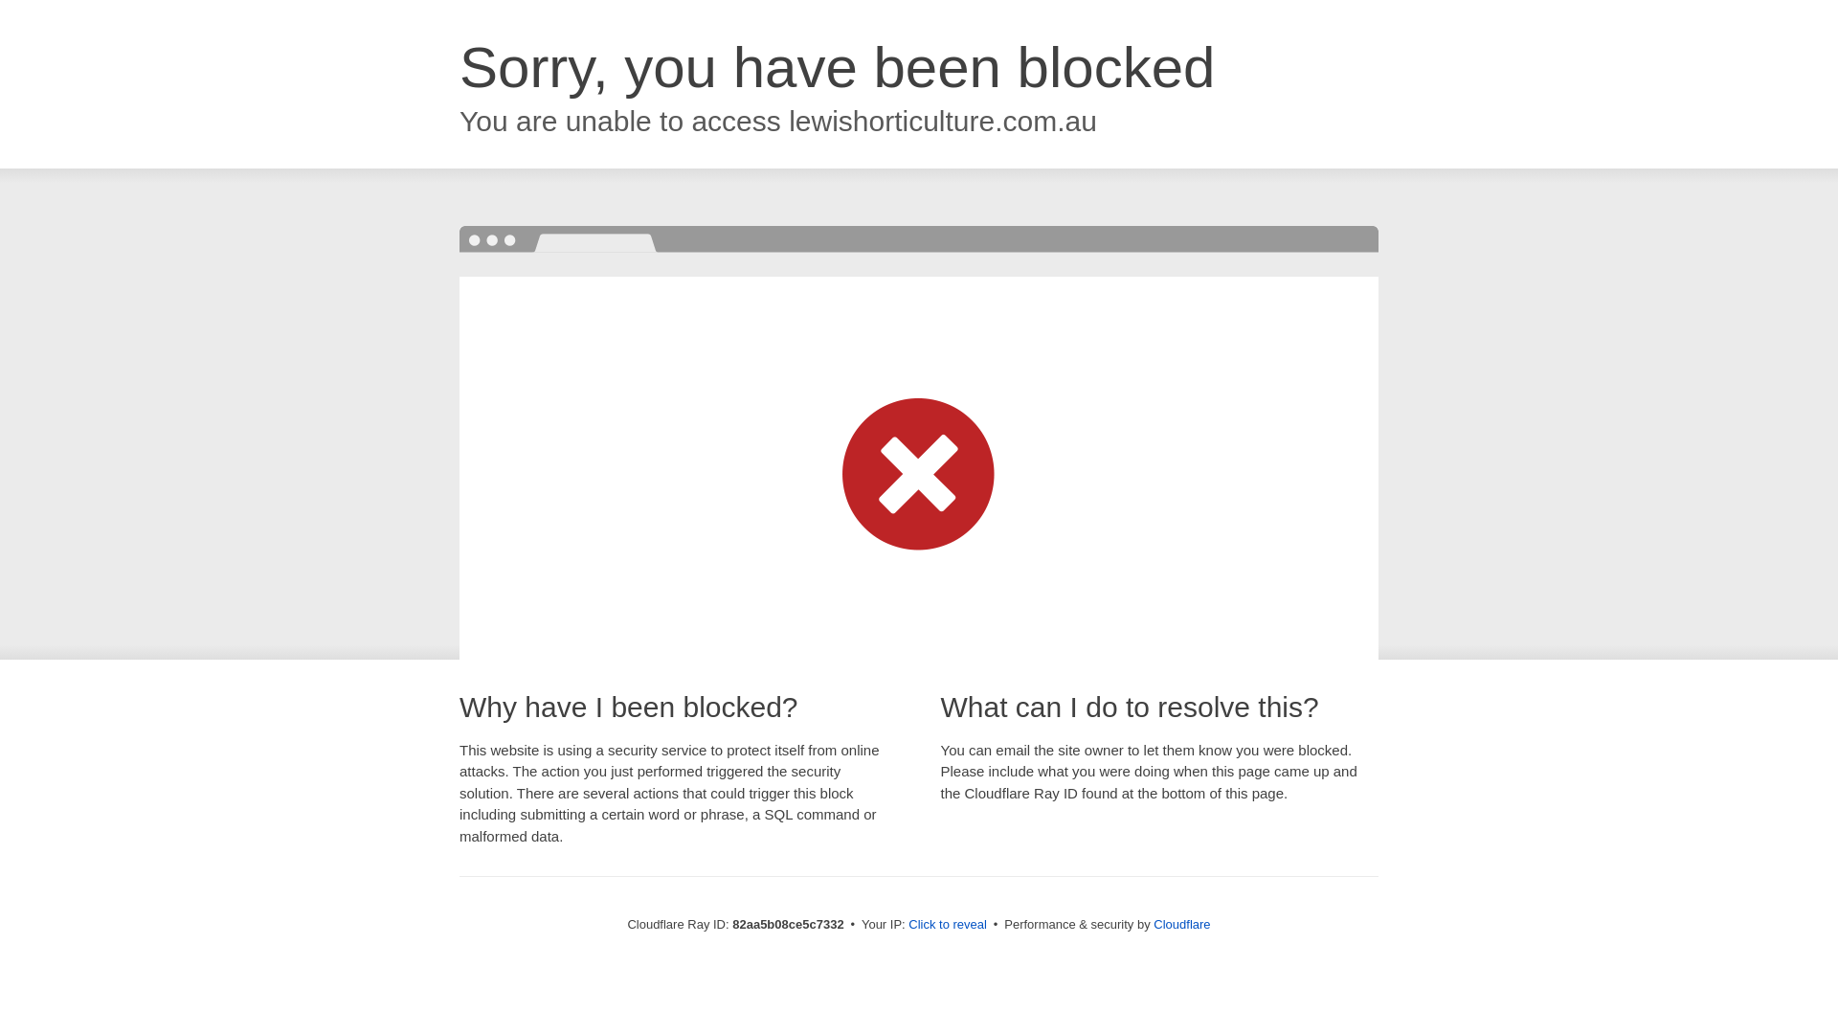 The height and width of the screenshot is (1034, 1838). I want to click on 'Cloudflare', so click(1180, 923).